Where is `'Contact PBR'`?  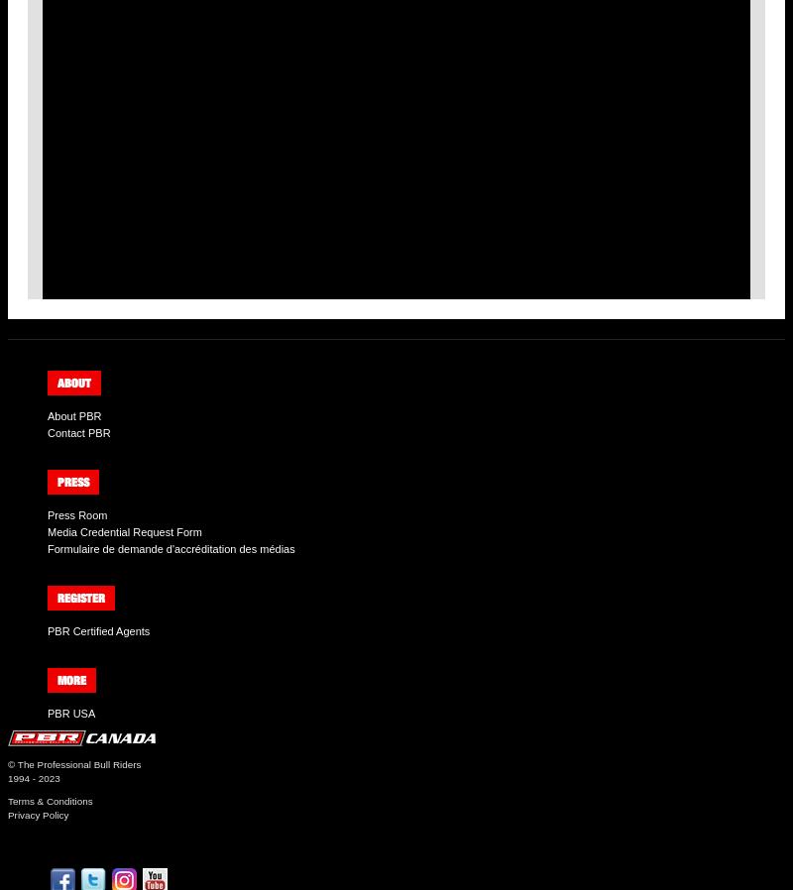
'Contact PBR' is located at coordinates (78, 431).